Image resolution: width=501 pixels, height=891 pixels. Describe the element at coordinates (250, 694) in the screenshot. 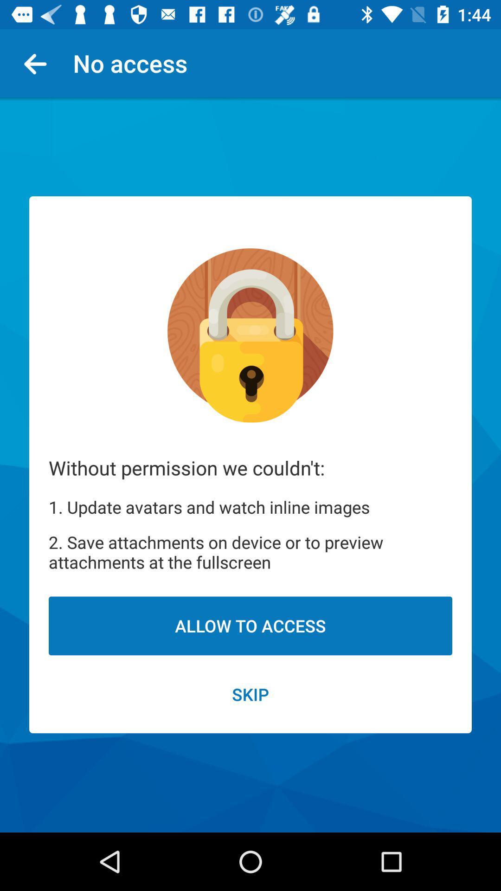

I see `icon below the allow to access` at that location.